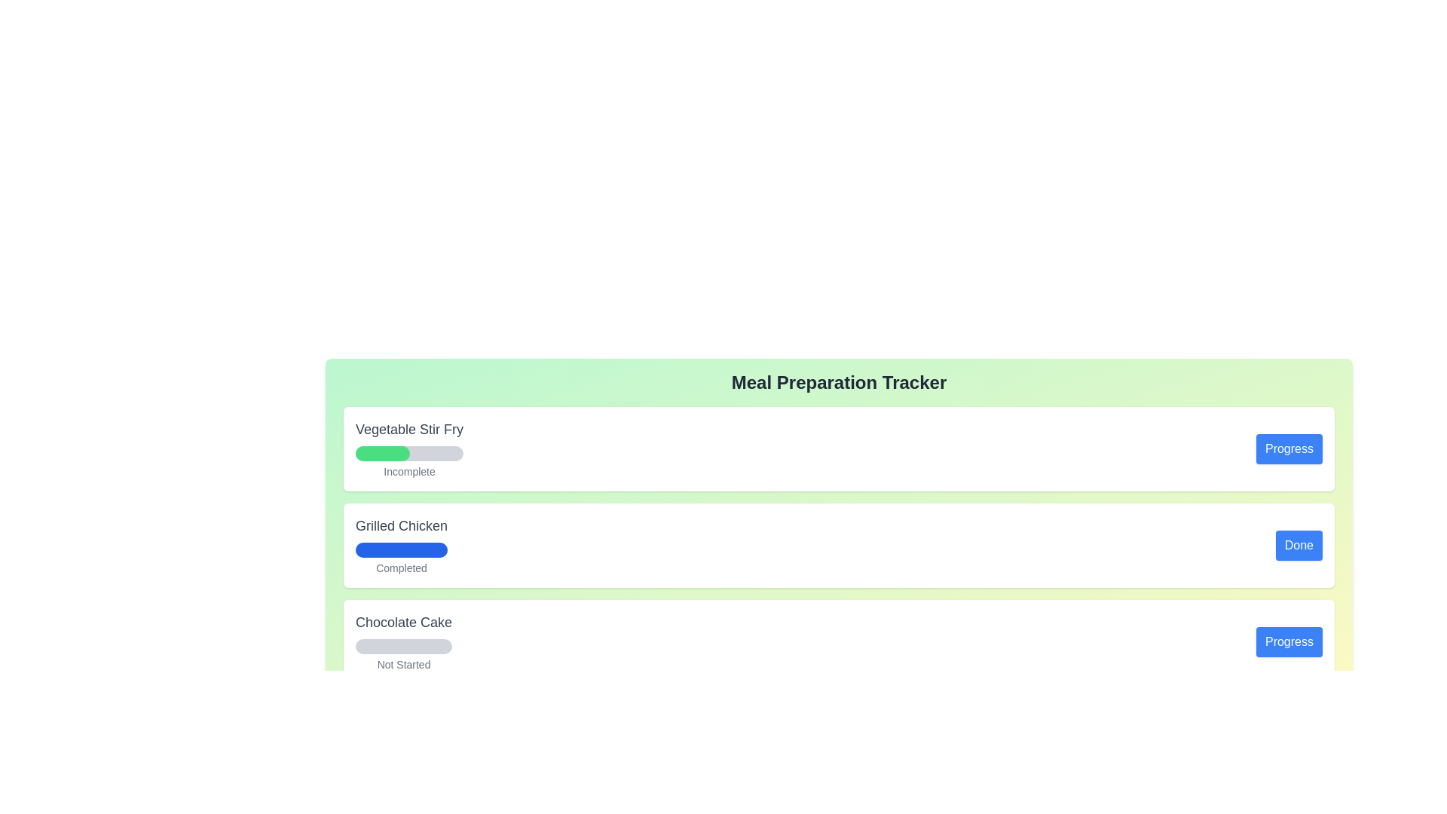  What do you see at coordinates (409, 470) in the screenshot?
I see `the text label displaying 'Incomplete' located beneath the progress bar in the 'Vegetable Stir Fry' section` at bounding box center [409, 470].